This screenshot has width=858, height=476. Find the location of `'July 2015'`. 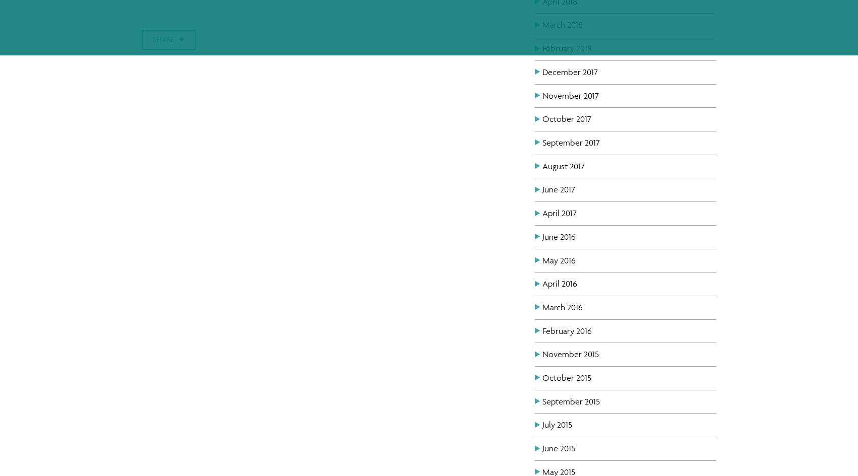

'July 2015' is located at coordinates (557, 425).